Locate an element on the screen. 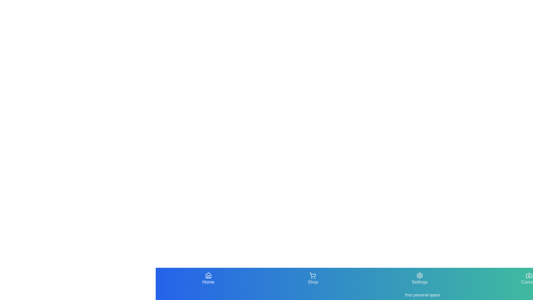  the Settings navigation tab by clicking on it is located at coordinates (419, 279).